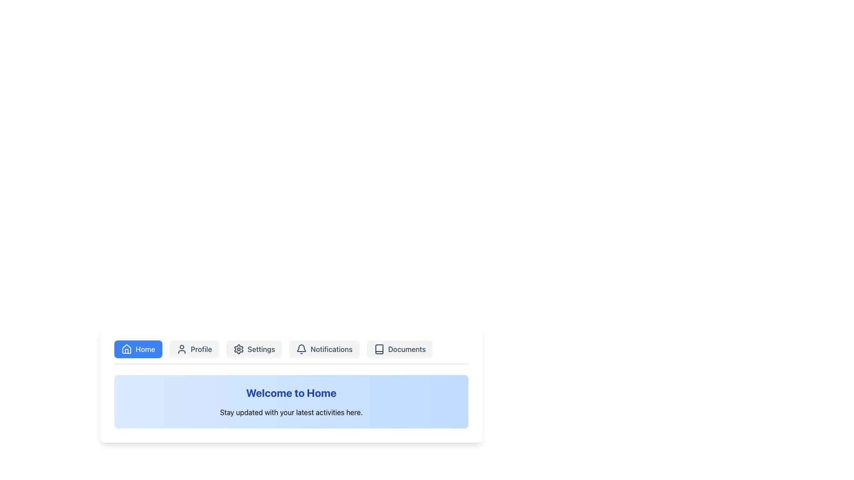  I want to click on the informational banner located centrally below the navigation bar, which serves to welcome the user and provide a brief update prompt, so click(291, 401).